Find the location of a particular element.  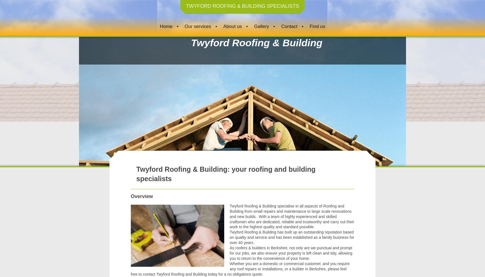

'Home' is located at coordinates (166, 26).